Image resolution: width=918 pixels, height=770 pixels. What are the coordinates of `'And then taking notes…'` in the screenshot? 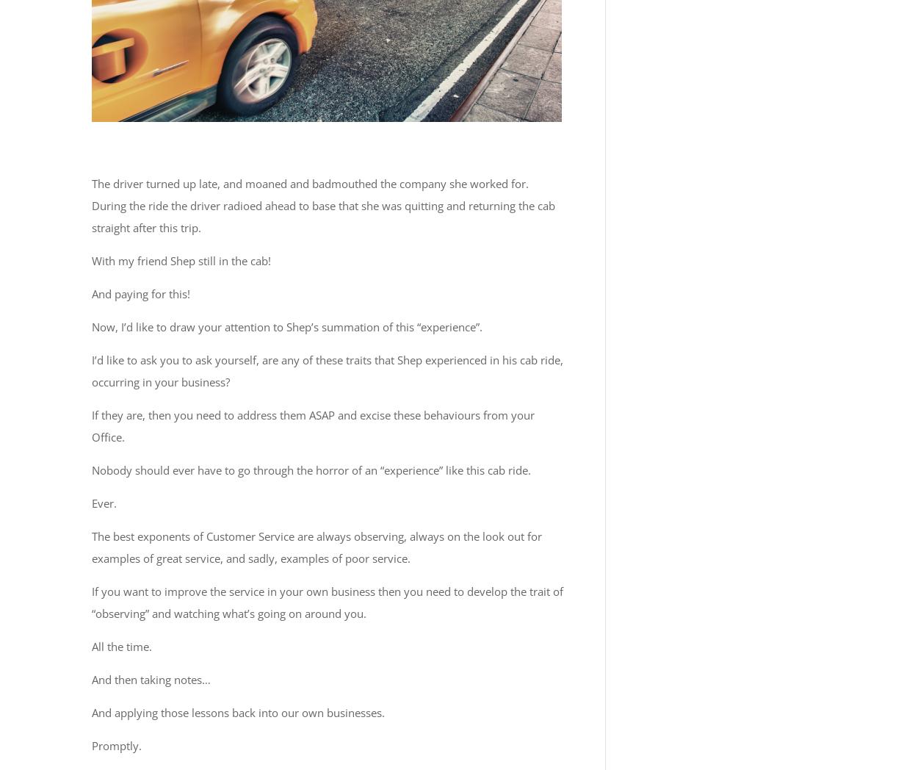 It's located at (151, 679).